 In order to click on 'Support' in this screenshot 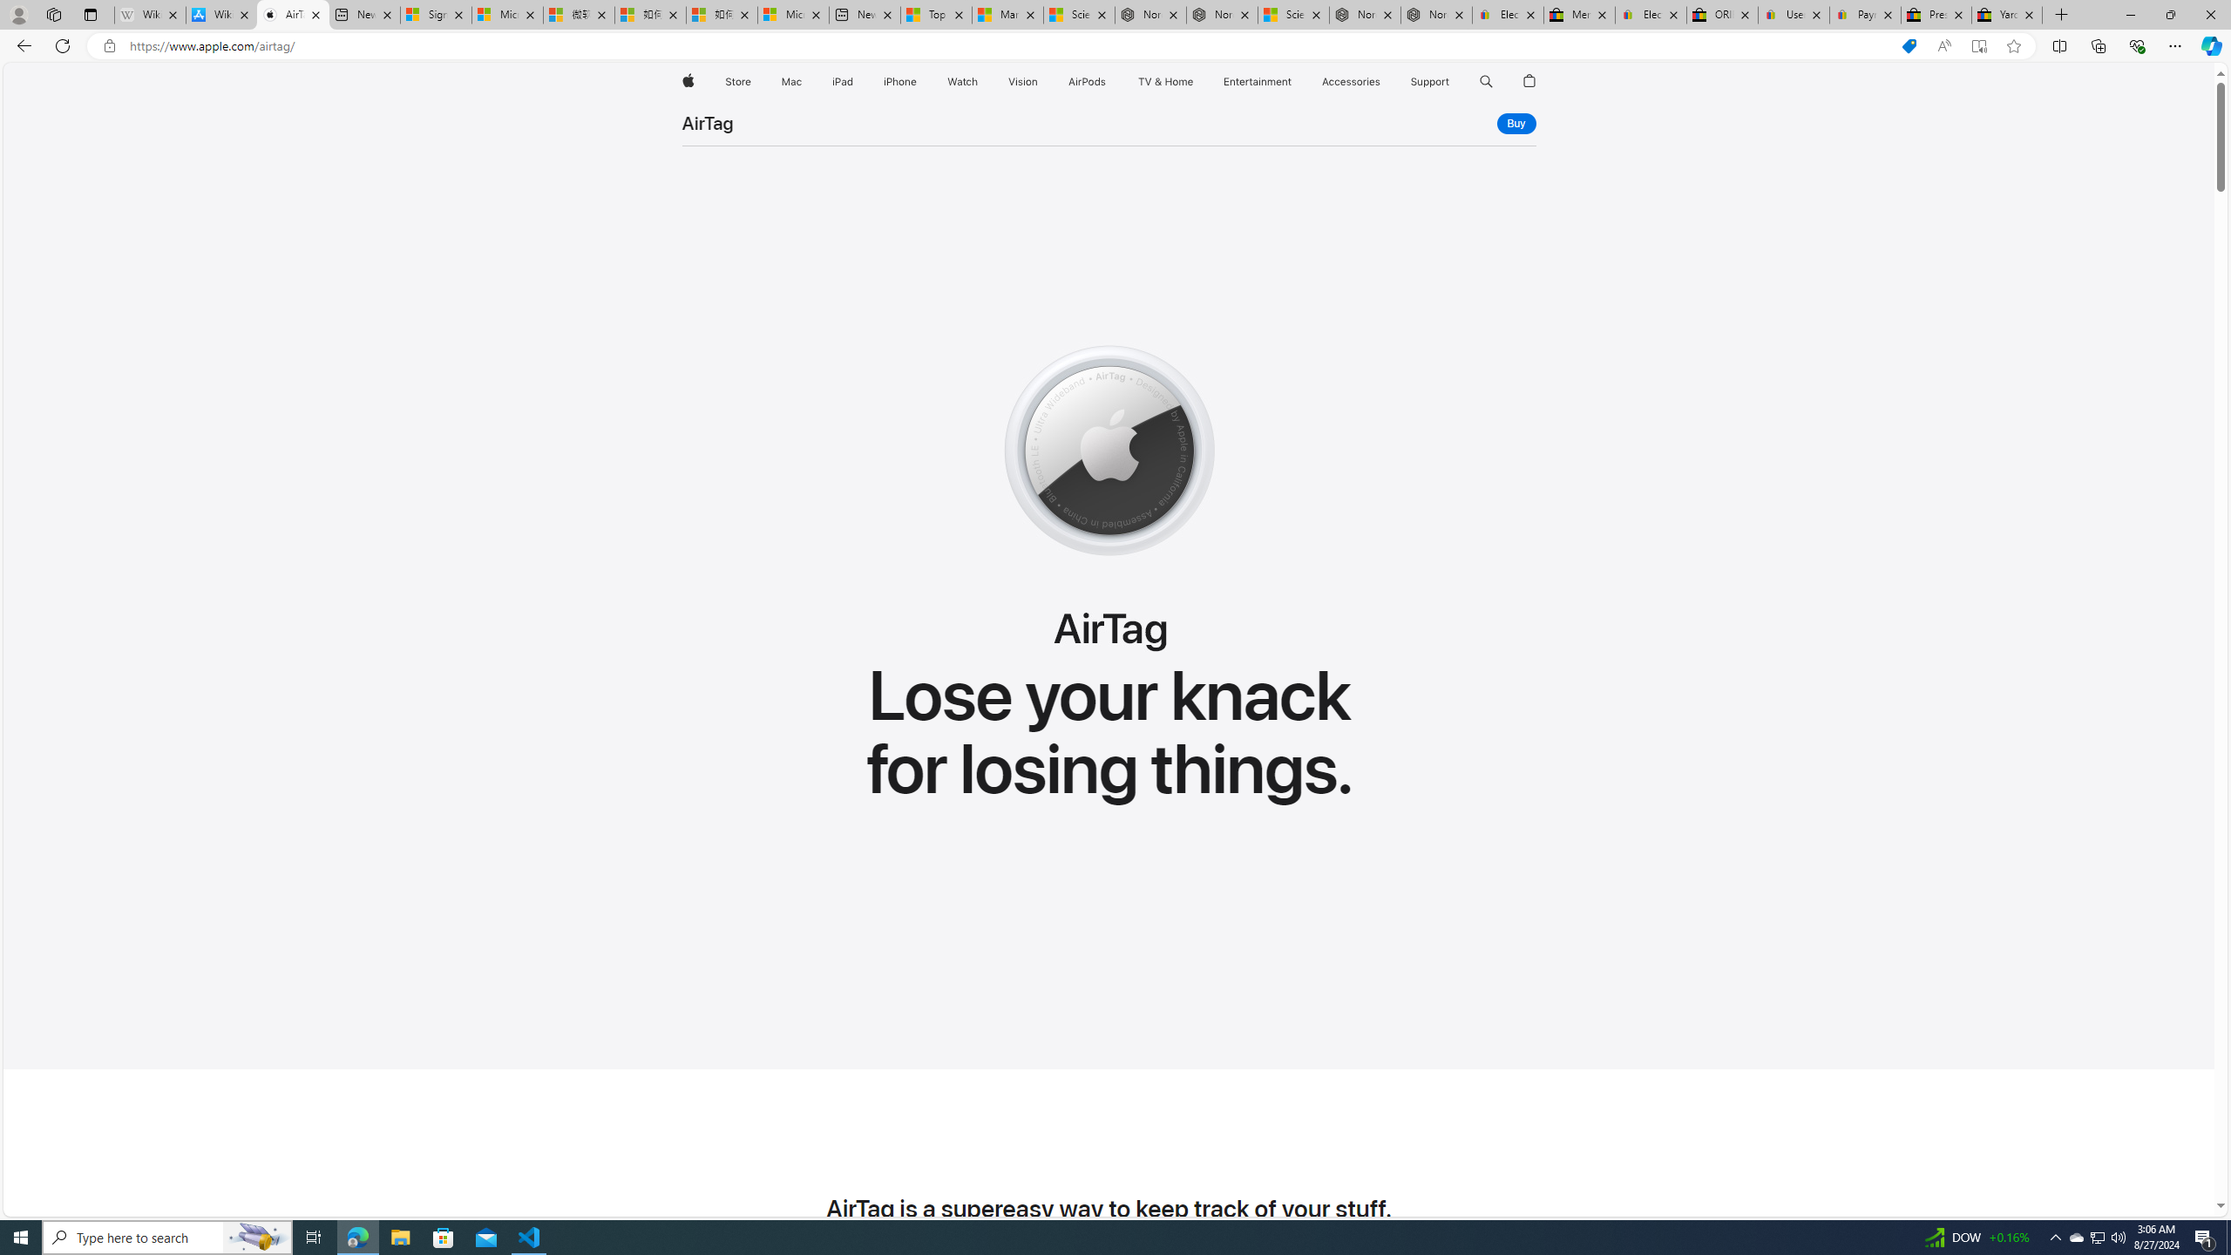, I will do `click(1428, 81)`.